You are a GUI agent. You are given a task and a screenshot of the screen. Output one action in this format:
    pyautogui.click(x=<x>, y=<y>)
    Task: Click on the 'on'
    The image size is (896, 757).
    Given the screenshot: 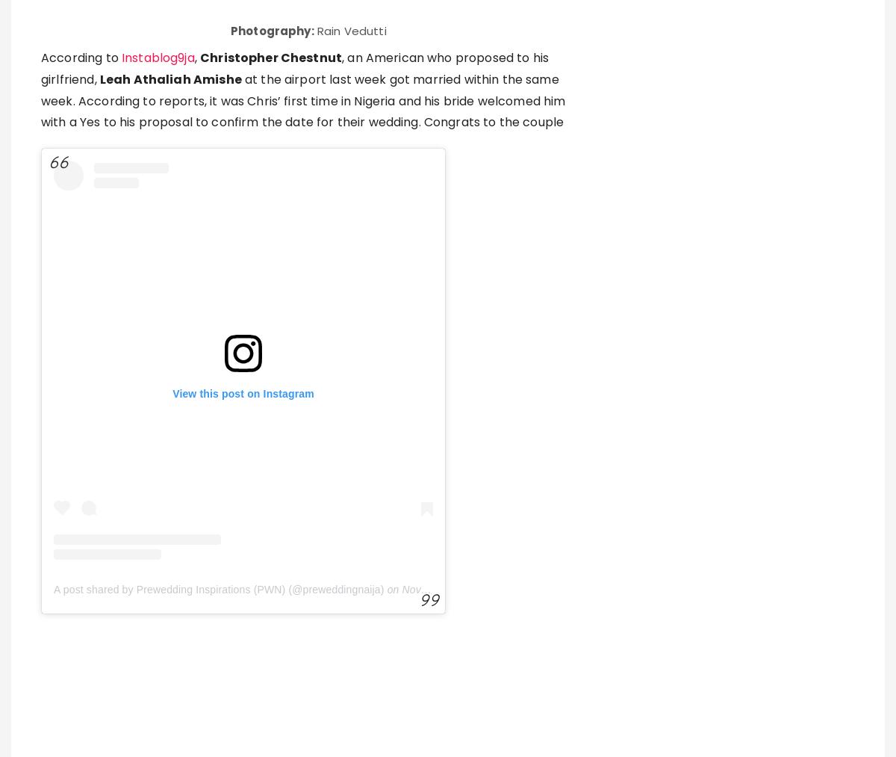 What is the action you would take?
    pyautogui.click(x=391, y=380)
    